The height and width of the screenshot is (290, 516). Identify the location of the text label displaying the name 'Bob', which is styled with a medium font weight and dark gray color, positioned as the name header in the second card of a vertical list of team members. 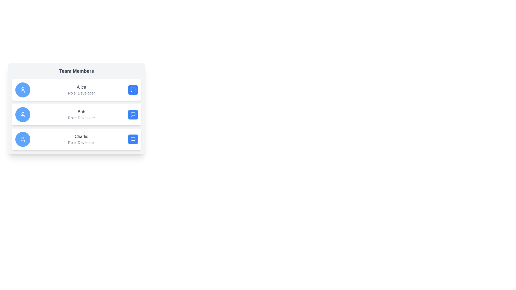
(81, 111).